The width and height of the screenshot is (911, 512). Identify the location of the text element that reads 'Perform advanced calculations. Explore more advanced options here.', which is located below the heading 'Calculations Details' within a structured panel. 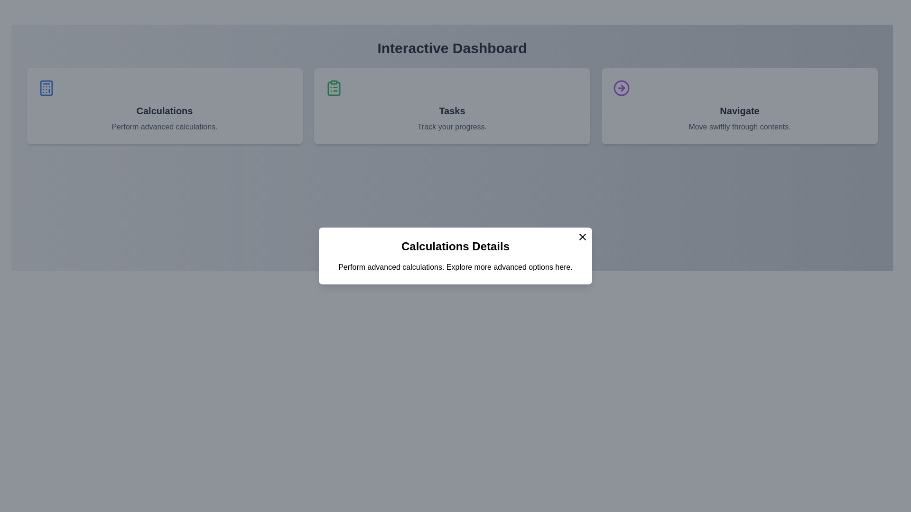
(455, 267).